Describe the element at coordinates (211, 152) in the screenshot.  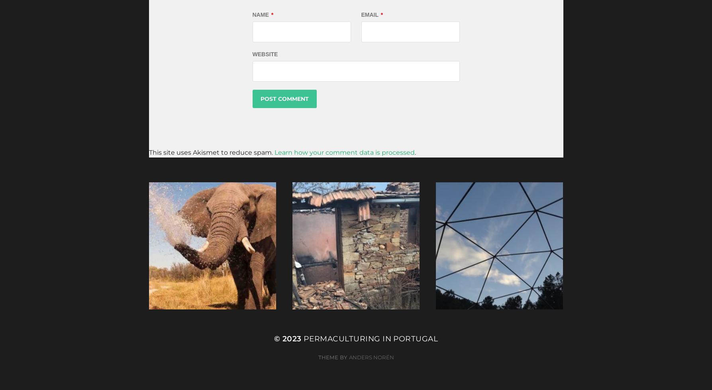
I see `'This site uses Akismet to reduce spam.'` at that location.